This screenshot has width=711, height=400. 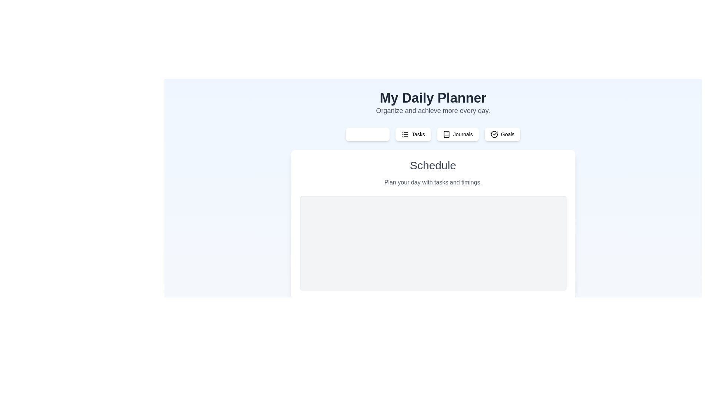 I want to click on the tab labeled Journals, so click(x=457, y=134).